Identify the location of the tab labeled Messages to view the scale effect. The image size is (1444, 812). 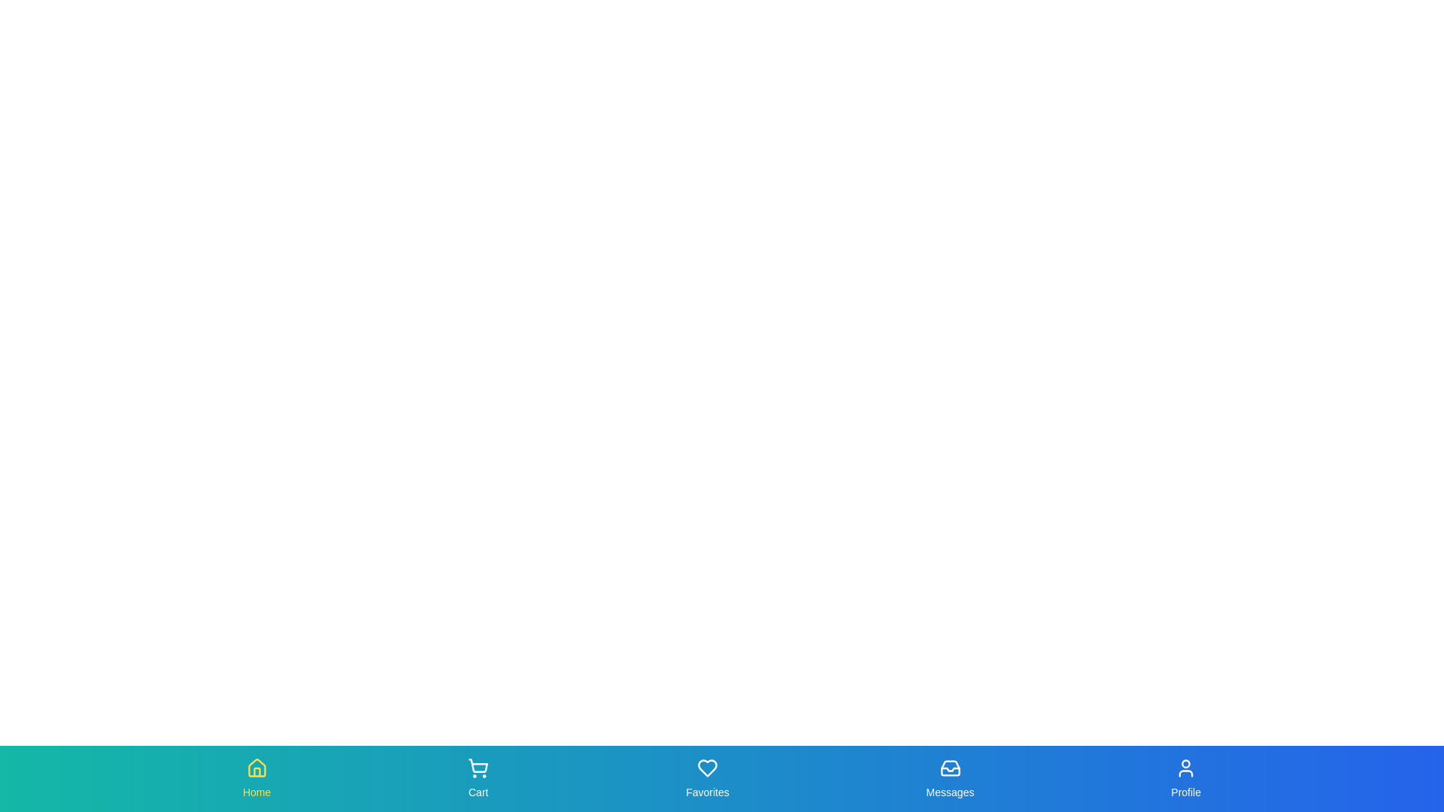
(949, 778).